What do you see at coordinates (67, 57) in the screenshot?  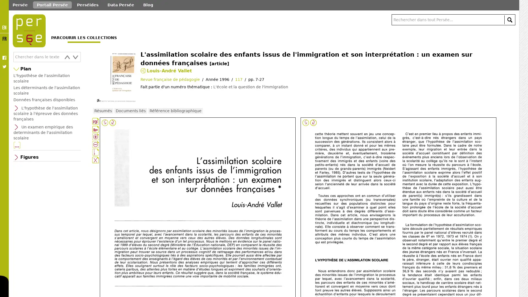 I see `prev` at bounding box center [67, 57].